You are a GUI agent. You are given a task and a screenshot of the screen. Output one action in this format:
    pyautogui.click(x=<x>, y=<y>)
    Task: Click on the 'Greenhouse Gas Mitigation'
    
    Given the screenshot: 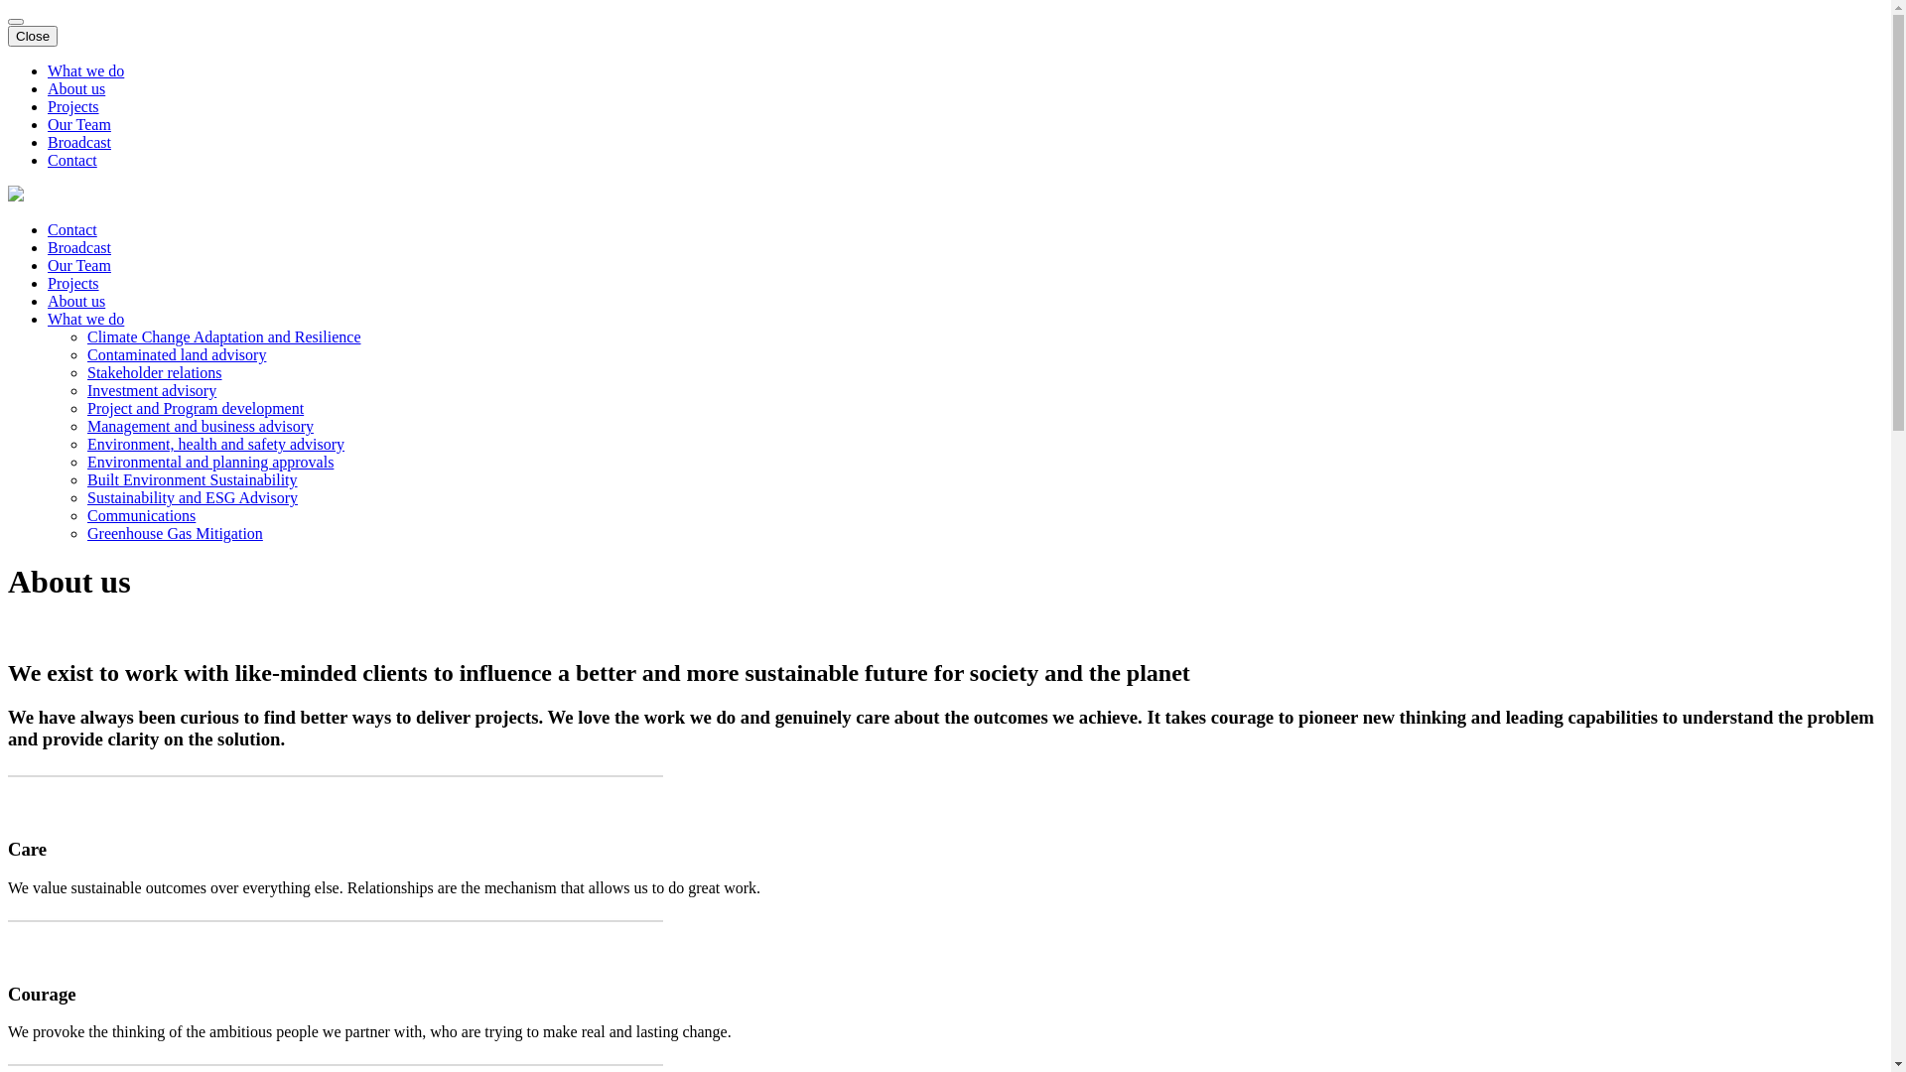 What is the action you would take?
    pyautogui.click(x=175, y=532)
    